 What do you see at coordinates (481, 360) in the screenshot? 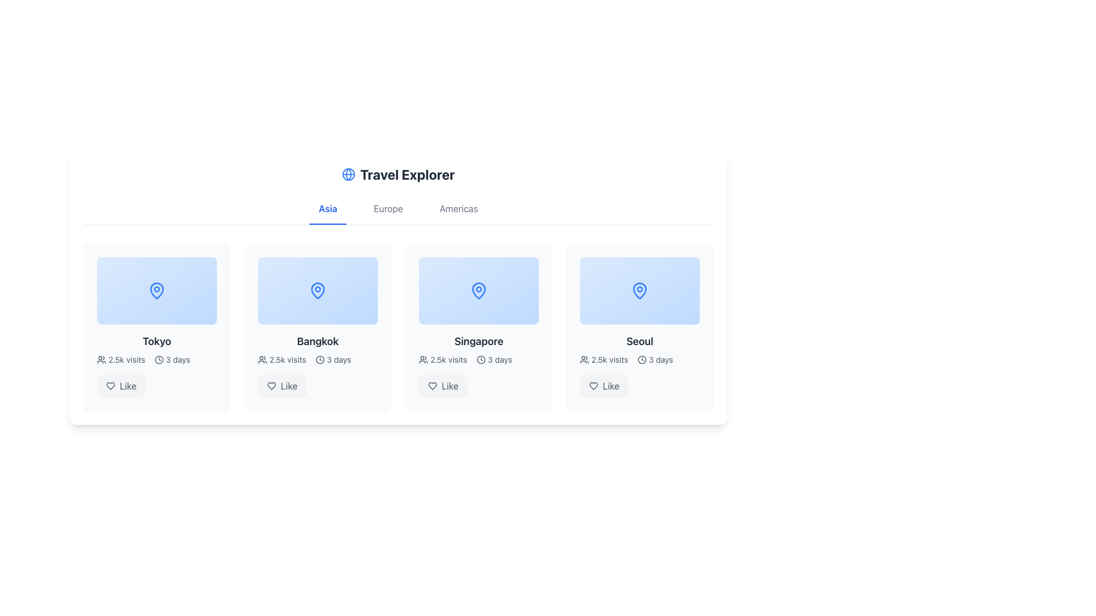
I see `the clock icon styled in an outline format located within the card for the 'Singapore' location, positioned to the left of the text '3 days'` at bounding box center [481, 360].